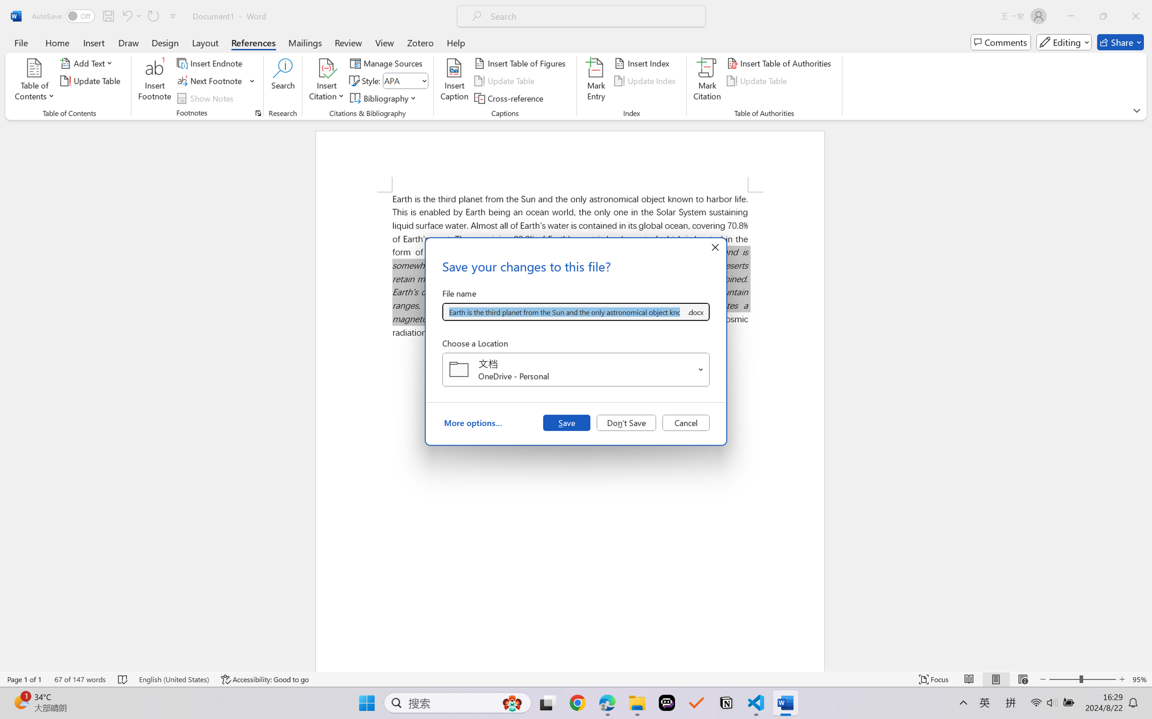  I want to click on 'Choose a Location', so click(576, 369).